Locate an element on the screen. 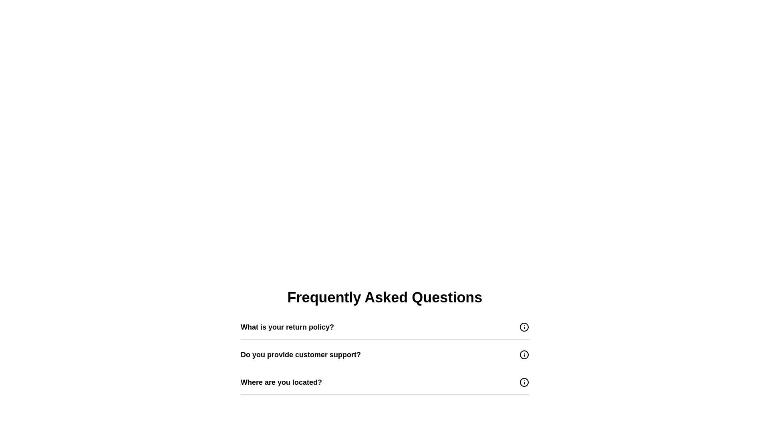 This screenshot has width=769, height=432. text label that serves as a question in the FAQ section, specifically the third question in the list located below the 'Frequently Asked Questions' header is located at coordinates (281, 382).